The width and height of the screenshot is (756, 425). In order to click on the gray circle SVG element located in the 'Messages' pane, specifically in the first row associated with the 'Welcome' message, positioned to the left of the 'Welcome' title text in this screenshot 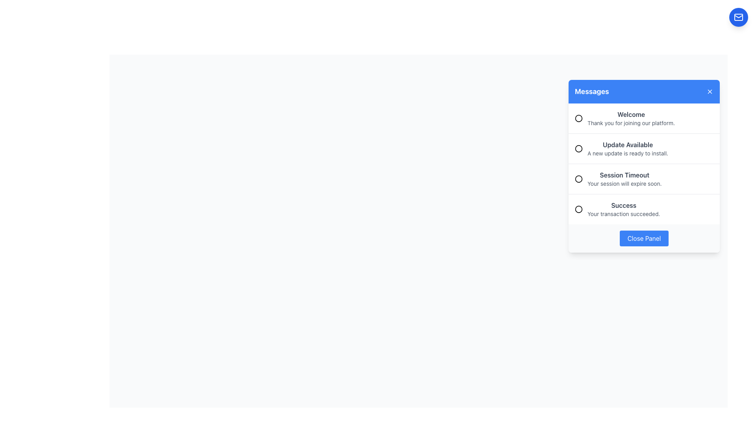, I will do `click(578, 118)`.